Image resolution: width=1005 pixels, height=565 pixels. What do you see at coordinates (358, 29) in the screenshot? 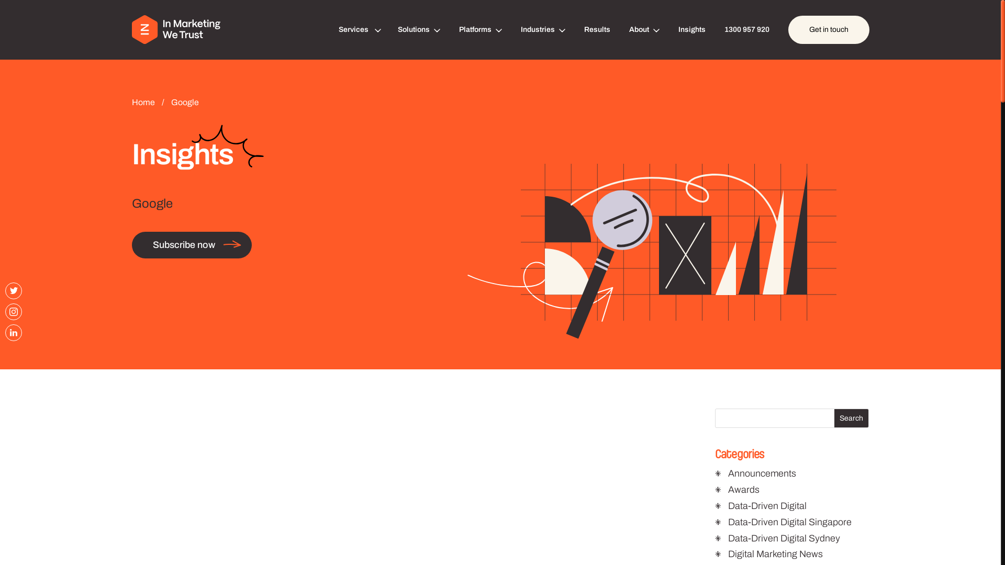
I see `'Services'` at bounding box center [358, 29].